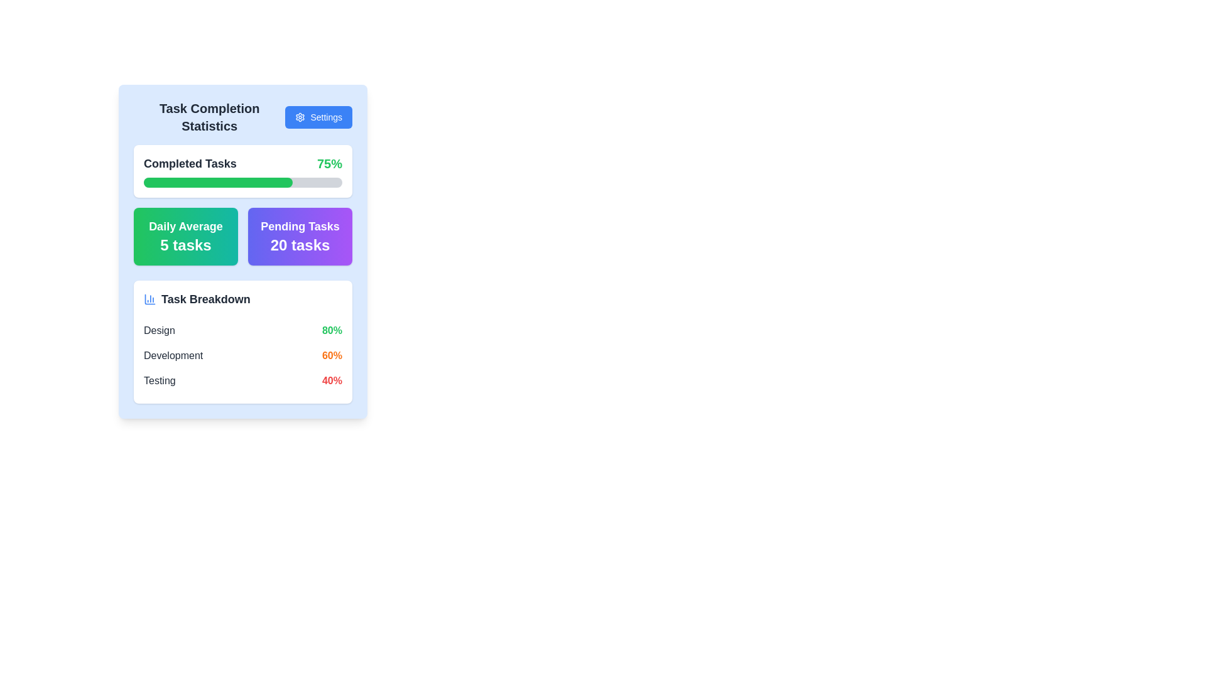 Image resolution: width=1206 pixels, height=678 pixels. Describe the element at coordinates (173, 356) in the screenshot. I see `the static text label reading 'Development' located in the 'Task Breakdown' section, which is aligned to the left next to the completion percentage '60%'` at that location.